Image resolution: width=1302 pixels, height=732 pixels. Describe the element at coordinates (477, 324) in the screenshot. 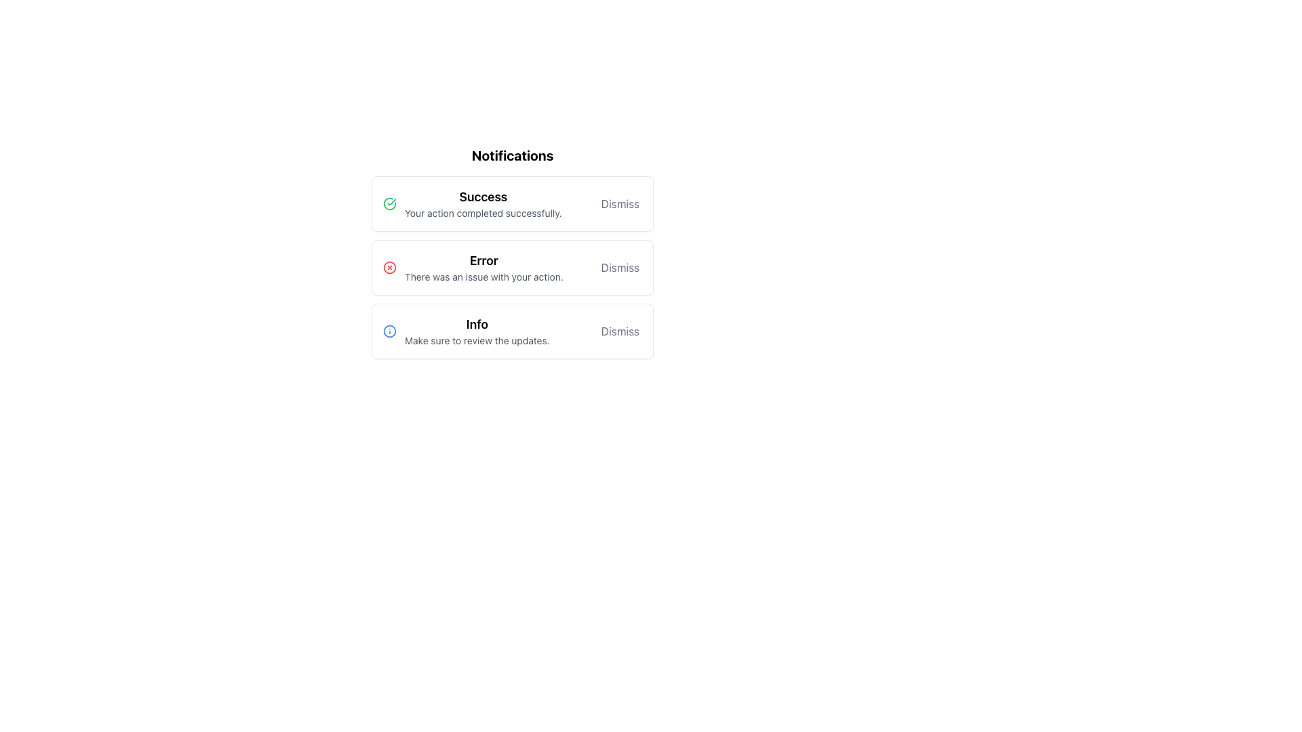

I see `the Text label that serves as the title for the notification regarding information, which is centrally located above the text 'Make sure to review the updates.' and to the left of the 'Dismiss' button` at that location.